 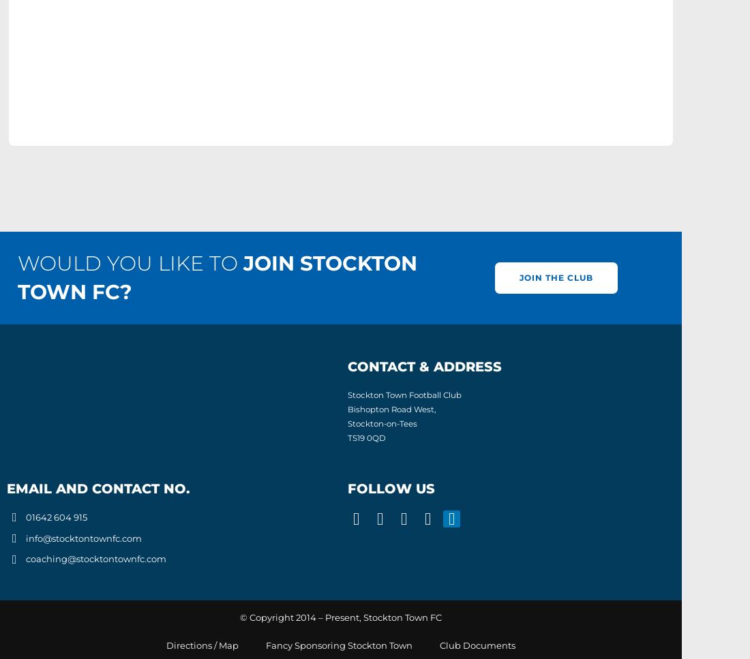 I want to click on 'info@stocktontownfc.com', so click(x=82, y=536).